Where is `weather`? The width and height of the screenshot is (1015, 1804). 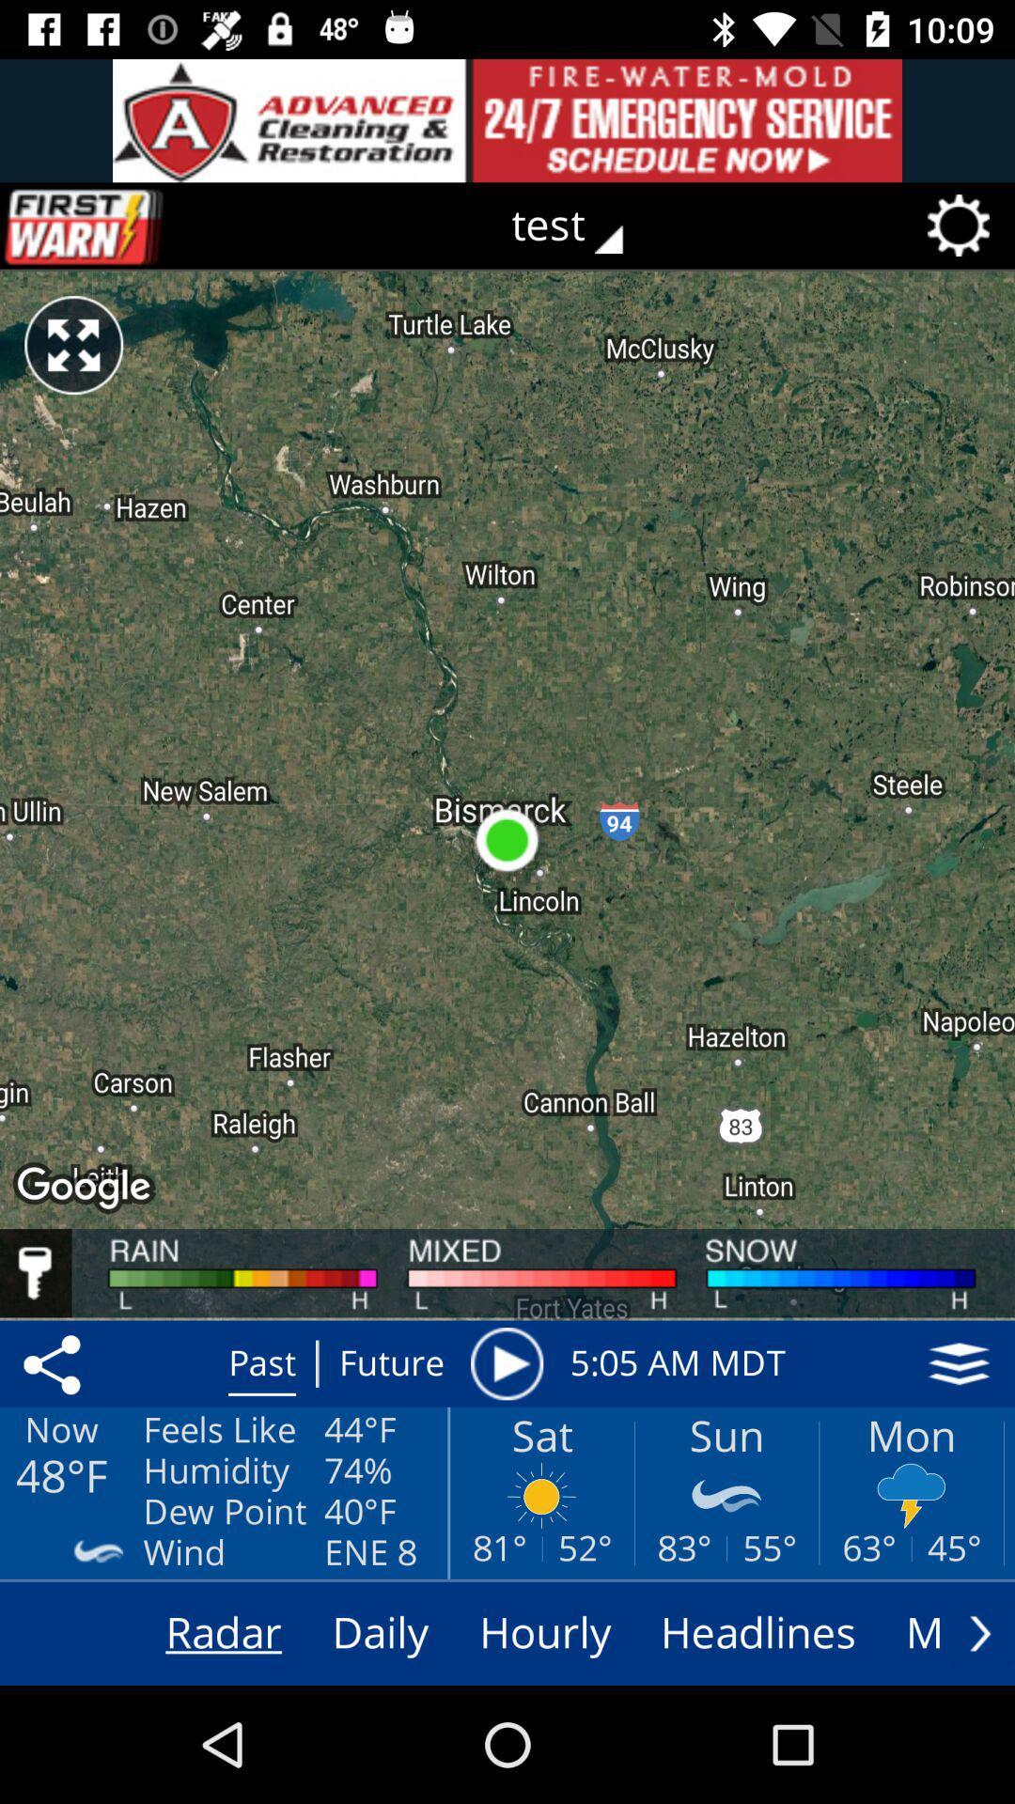
weather is located at coordinates (506, 1363).